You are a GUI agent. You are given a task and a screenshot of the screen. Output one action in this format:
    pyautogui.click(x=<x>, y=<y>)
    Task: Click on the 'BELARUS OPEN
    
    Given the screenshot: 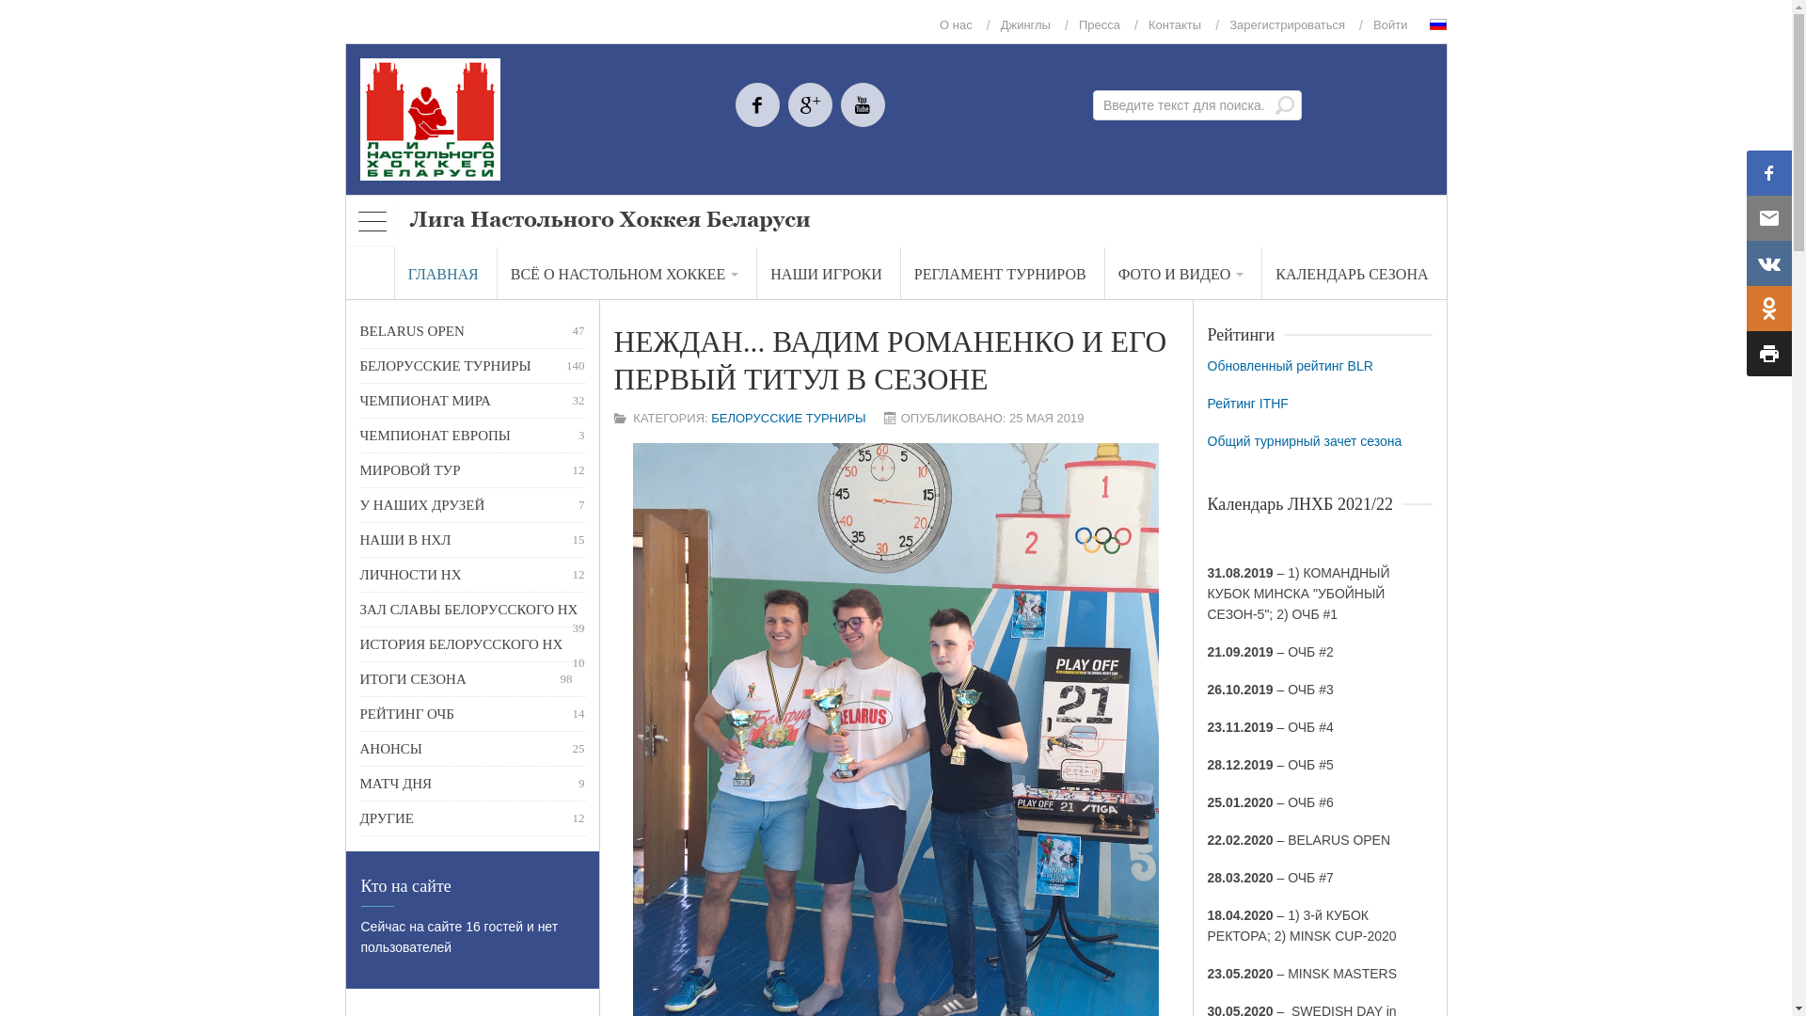 What is the action you would take?
    pyautogui.click(x=471, y=329)
    